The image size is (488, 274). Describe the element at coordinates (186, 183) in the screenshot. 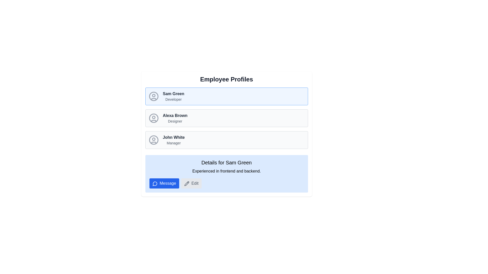

I see `the main body of the pencil icon embedded in the 'Edit' button located in the lower-right corner of the 'Details for Sam Green' section` at that location.